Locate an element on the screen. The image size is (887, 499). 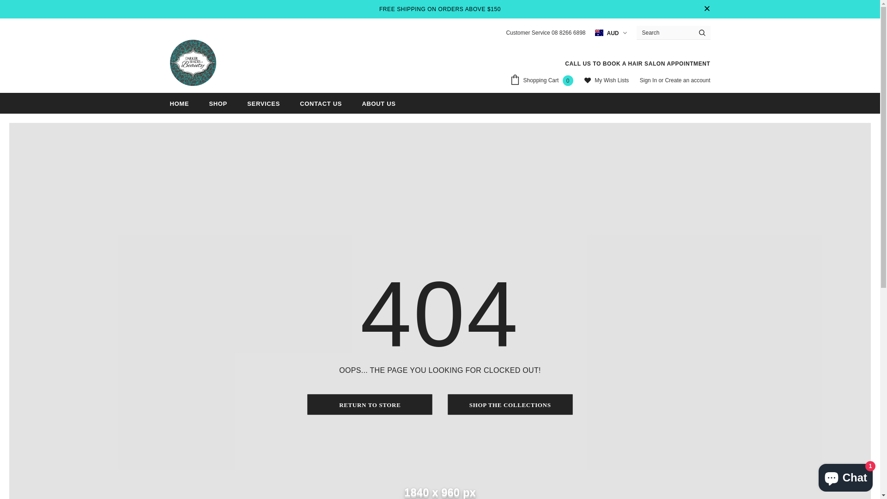
'CONTACT US' is located at coordinates (321, 103).